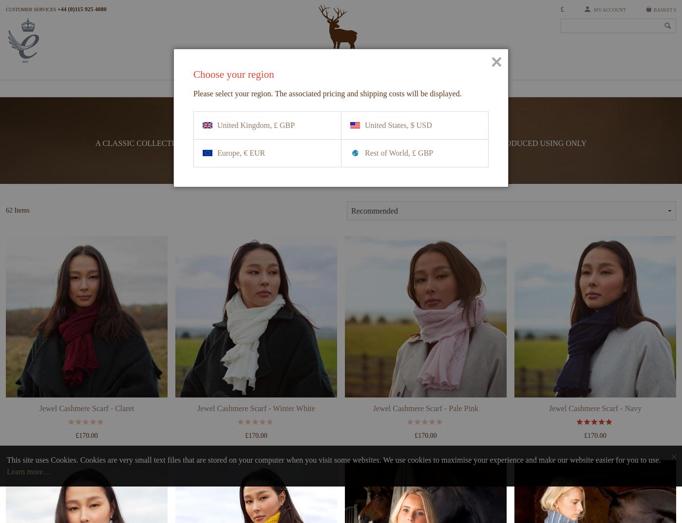  I want to click on 'Basket 0', so click(664, 9).